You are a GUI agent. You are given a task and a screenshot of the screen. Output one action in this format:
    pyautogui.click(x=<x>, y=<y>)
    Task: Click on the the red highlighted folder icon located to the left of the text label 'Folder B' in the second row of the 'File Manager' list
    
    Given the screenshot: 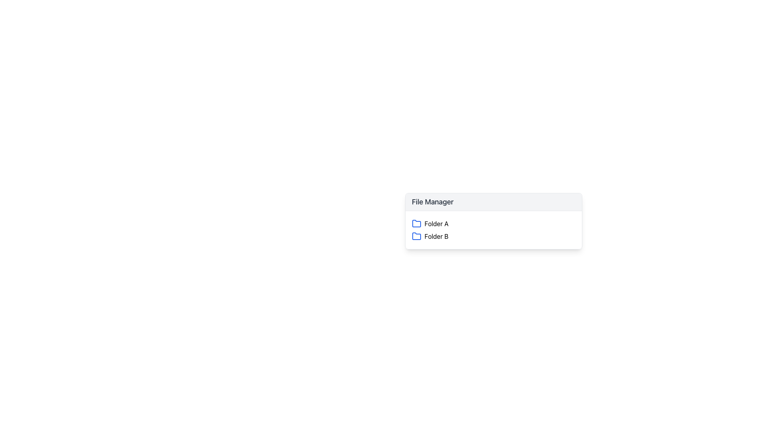 What is the action you would take?
    pyautogui.click(x=416, y=236)
    